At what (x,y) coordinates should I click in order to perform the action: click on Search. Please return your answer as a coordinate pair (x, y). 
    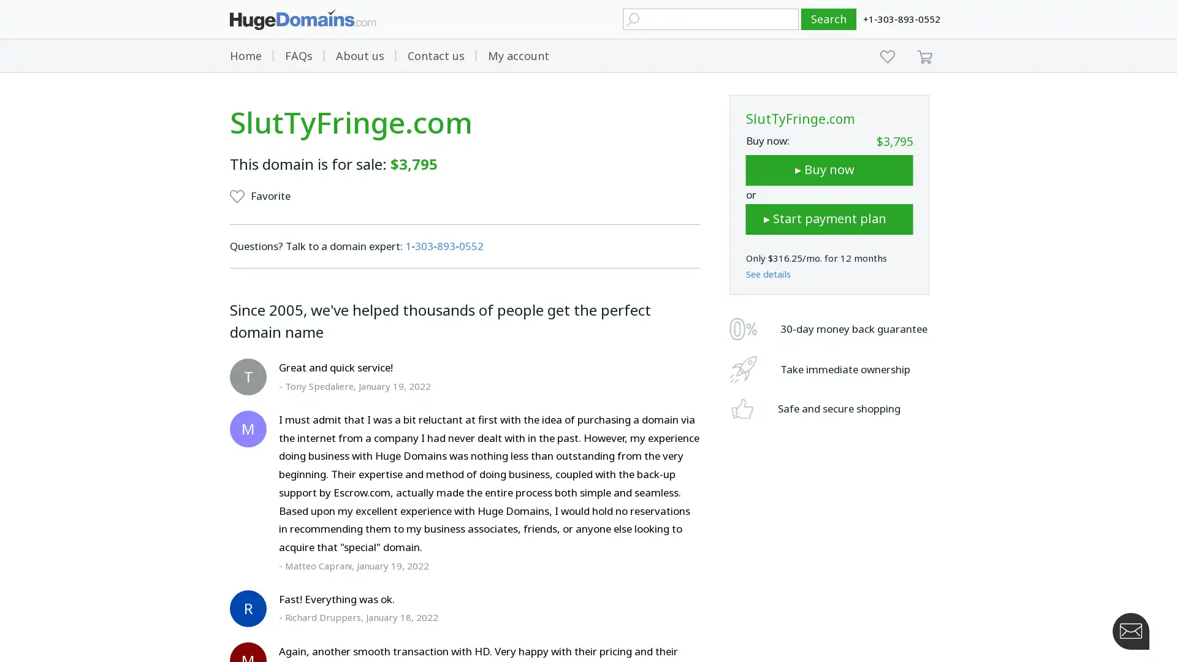
    Looking at the image, I should click on (829, 19).